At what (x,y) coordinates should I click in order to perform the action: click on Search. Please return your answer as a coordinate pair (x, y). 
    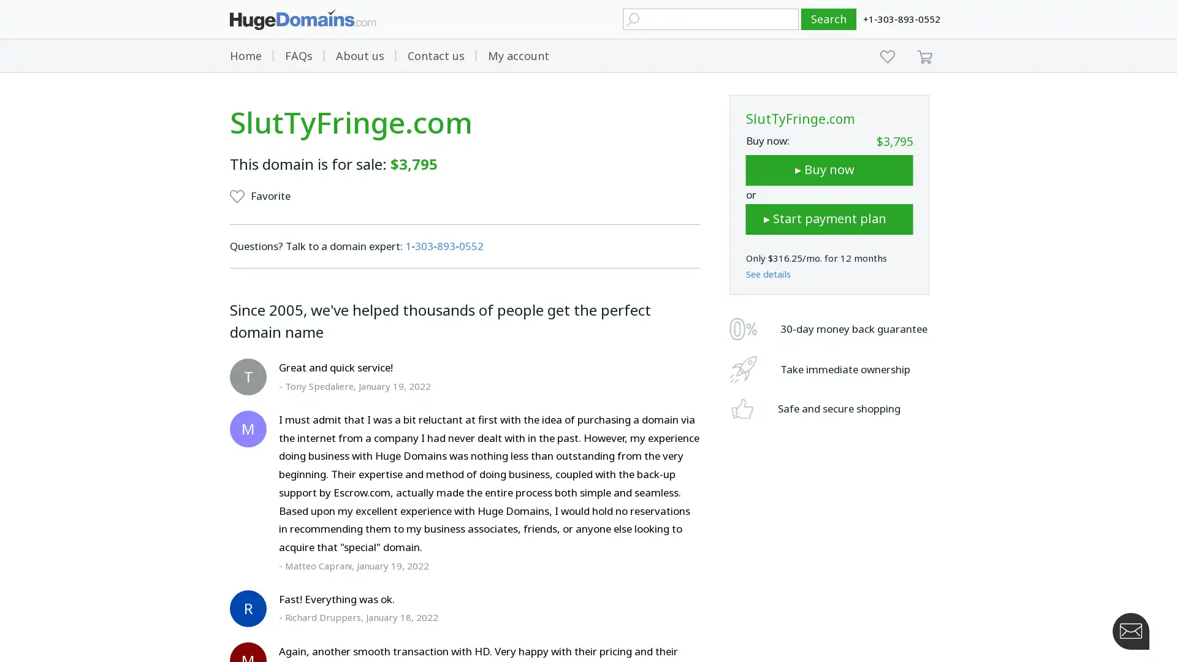
    Looking at the image, I should click on (829, 19).